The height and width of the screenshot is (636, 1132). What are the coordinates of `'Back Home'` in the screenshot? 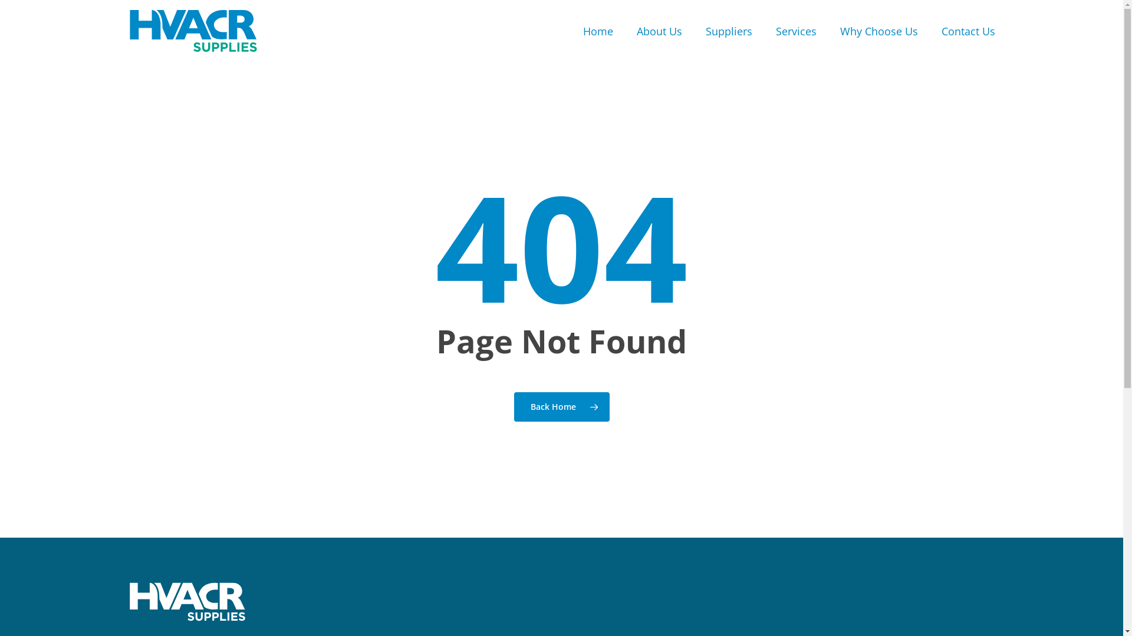 It's located at (561, 406).